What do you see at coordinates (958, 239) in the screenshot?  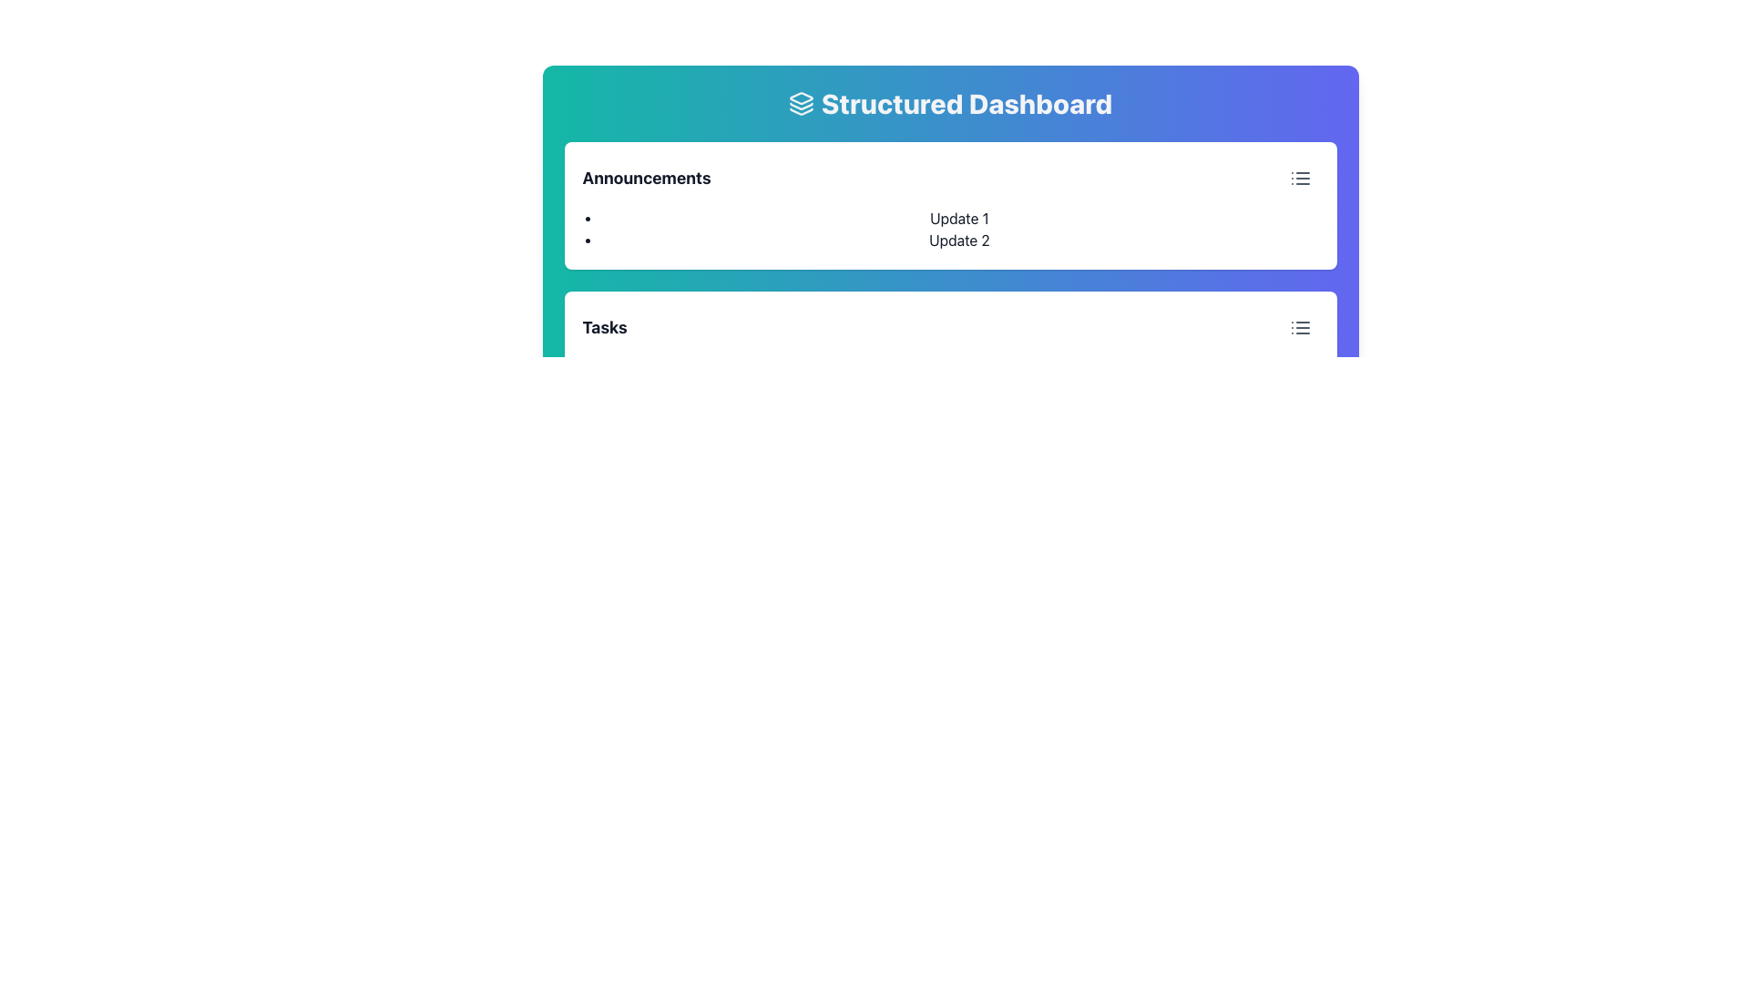 I see `the informational text label located in the announcements section of the dashboard, positioned below 'Update 1'` at bounding box center [958, 239].